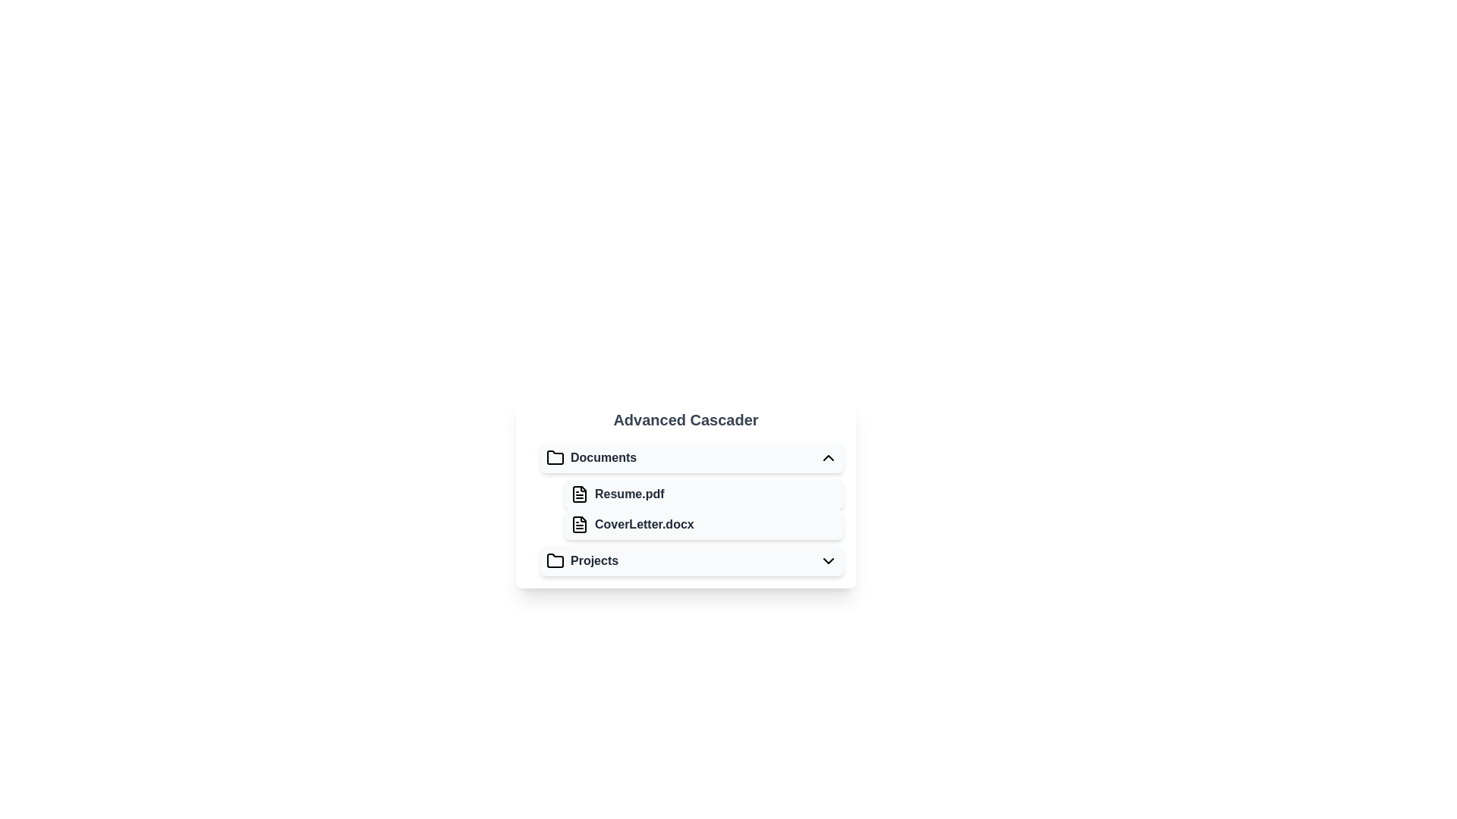 The height and width of the screenshot is (819, 1457). Describe the element at coordinates (578, 523) in the screenshot. I see `the file icon representing 'CoverLetter.docx', which is the second file icon in the UI, to visually identify the document type` at that location.